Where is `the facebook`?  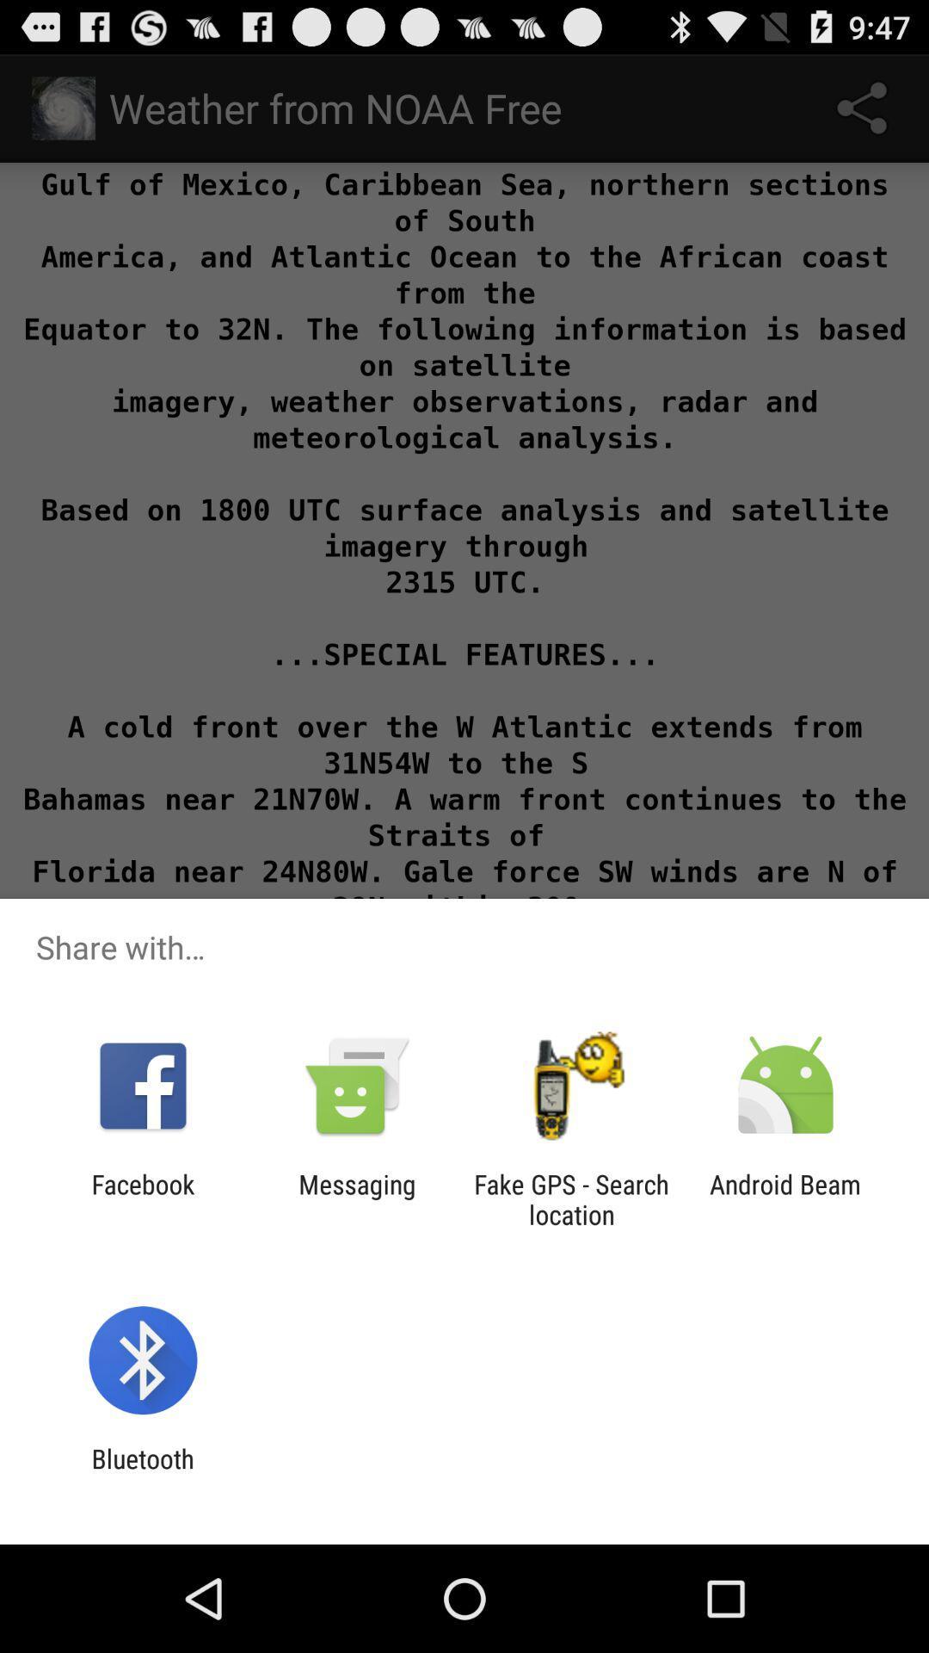 the facebook is located at coordinates (142, 1198).